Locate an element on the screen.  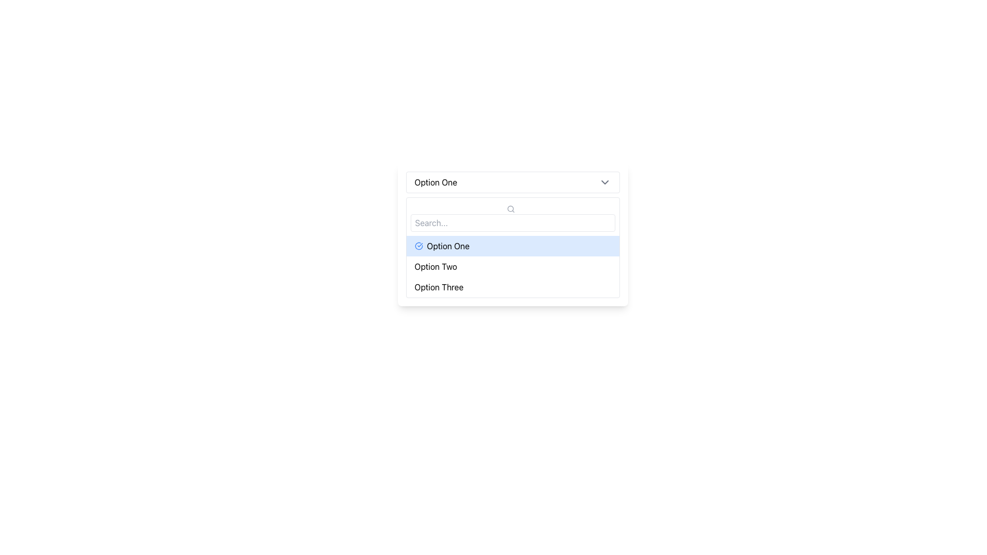
the list item displaying 'Option Two' in the dropdown menu is located at coordinates (513, 266).